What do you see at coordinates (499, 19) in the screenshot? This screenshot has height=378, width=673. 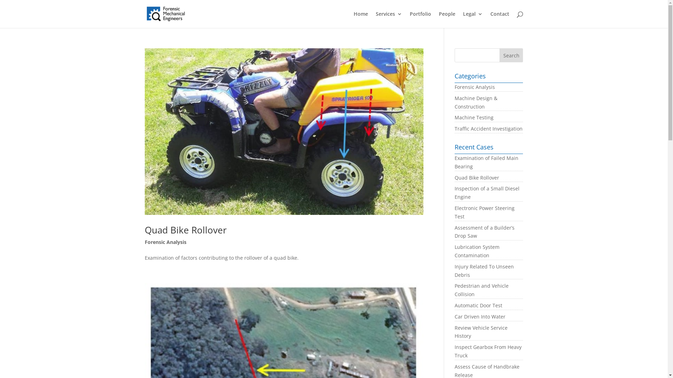 I see `'Contact'` at bounding box center [499, 19].